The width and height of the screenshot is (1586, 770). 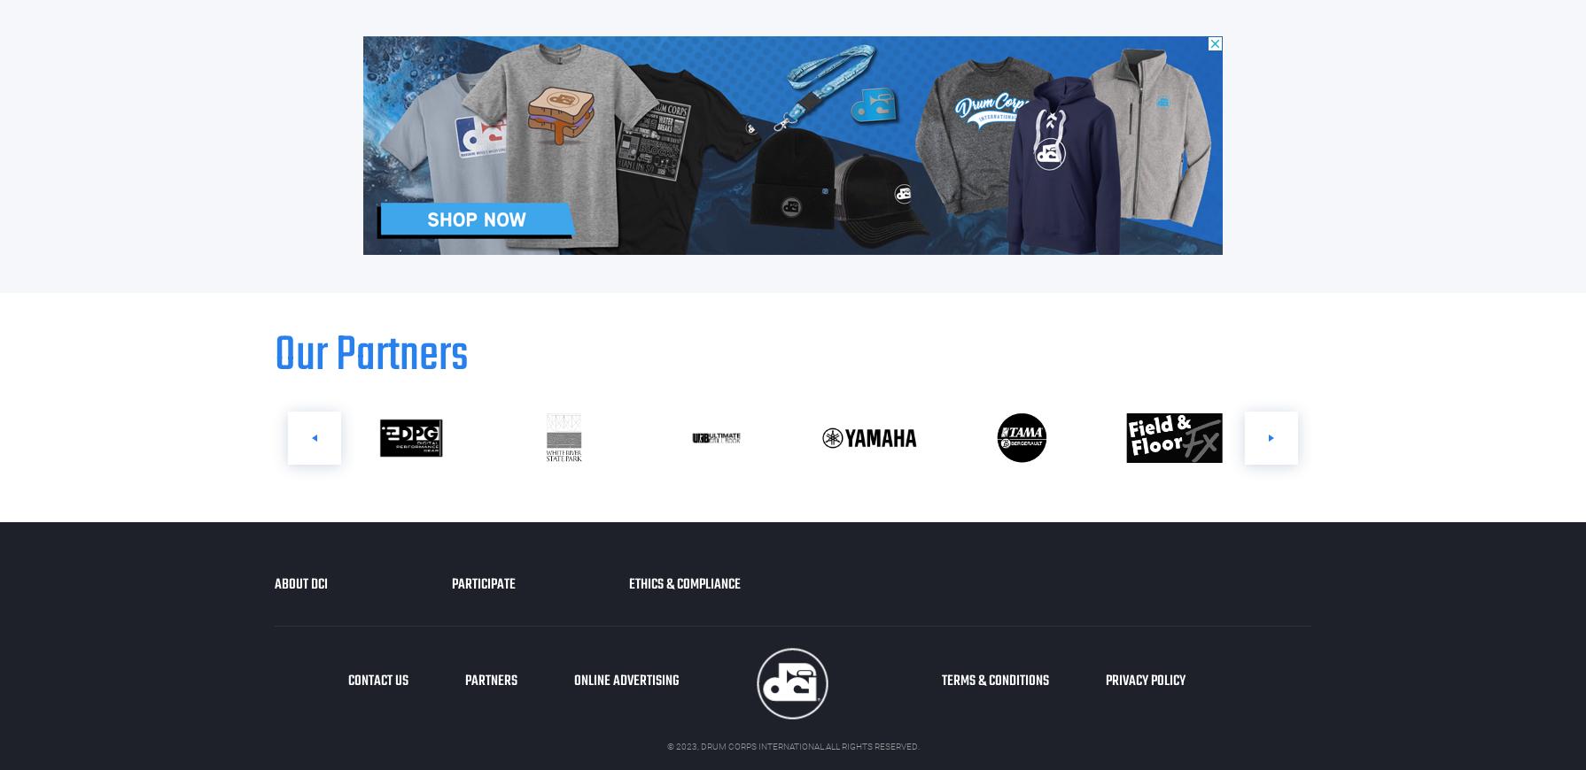 What do you see at coordinates (791, 746) in the screenshot?
I see `'© 2023, DRUM CORPS INTERNATIONAL.ALL RIGHTS RESERVED.'` at bounding box center [791, 746].